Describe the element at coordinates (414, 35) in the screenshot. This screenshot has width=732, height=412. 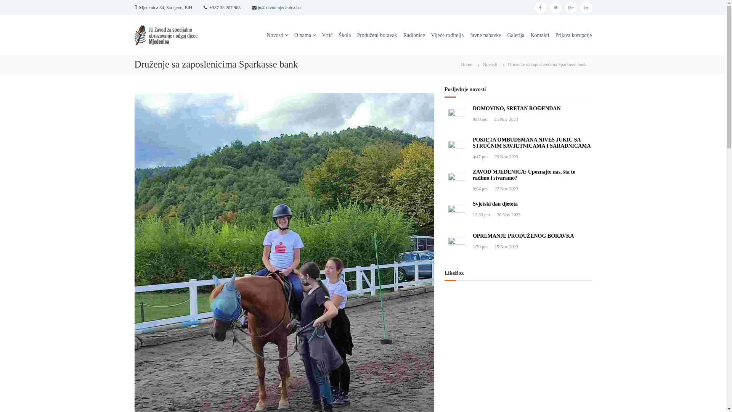
I see `'Radionice'` at that location.